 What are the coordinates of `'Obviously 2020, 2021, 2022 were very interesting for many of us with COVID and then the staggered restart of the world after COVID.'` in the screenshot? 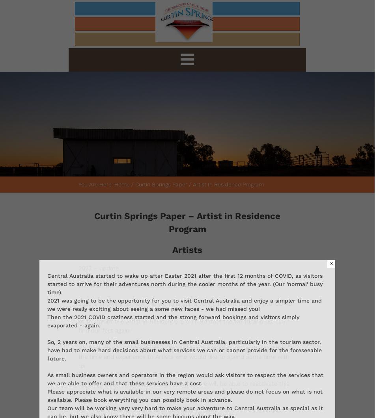 It's located at (183, 281).